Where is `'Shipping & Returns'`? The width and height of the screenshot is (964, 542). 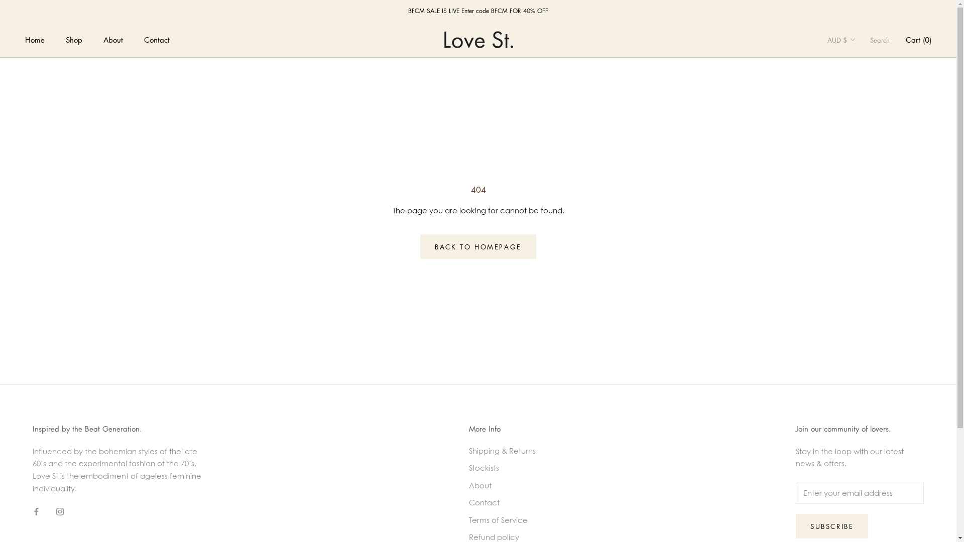
'Shipping & Returns' is located at coordinates (468, 450).